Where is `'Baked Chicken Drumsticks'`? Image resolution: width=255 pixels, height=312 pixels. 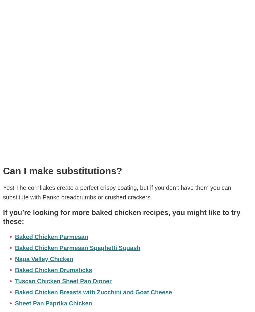
'Baked Chicken Drumsticks' is located at coordinates (53, 269).